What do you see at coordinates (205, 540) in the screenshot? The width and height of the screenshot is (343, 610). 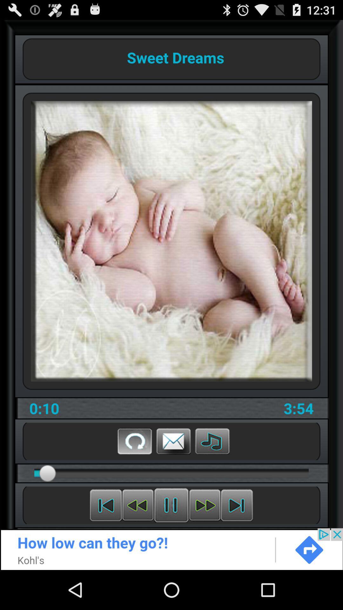 I see `the av_forward icon` at bounding box center [205, 540].